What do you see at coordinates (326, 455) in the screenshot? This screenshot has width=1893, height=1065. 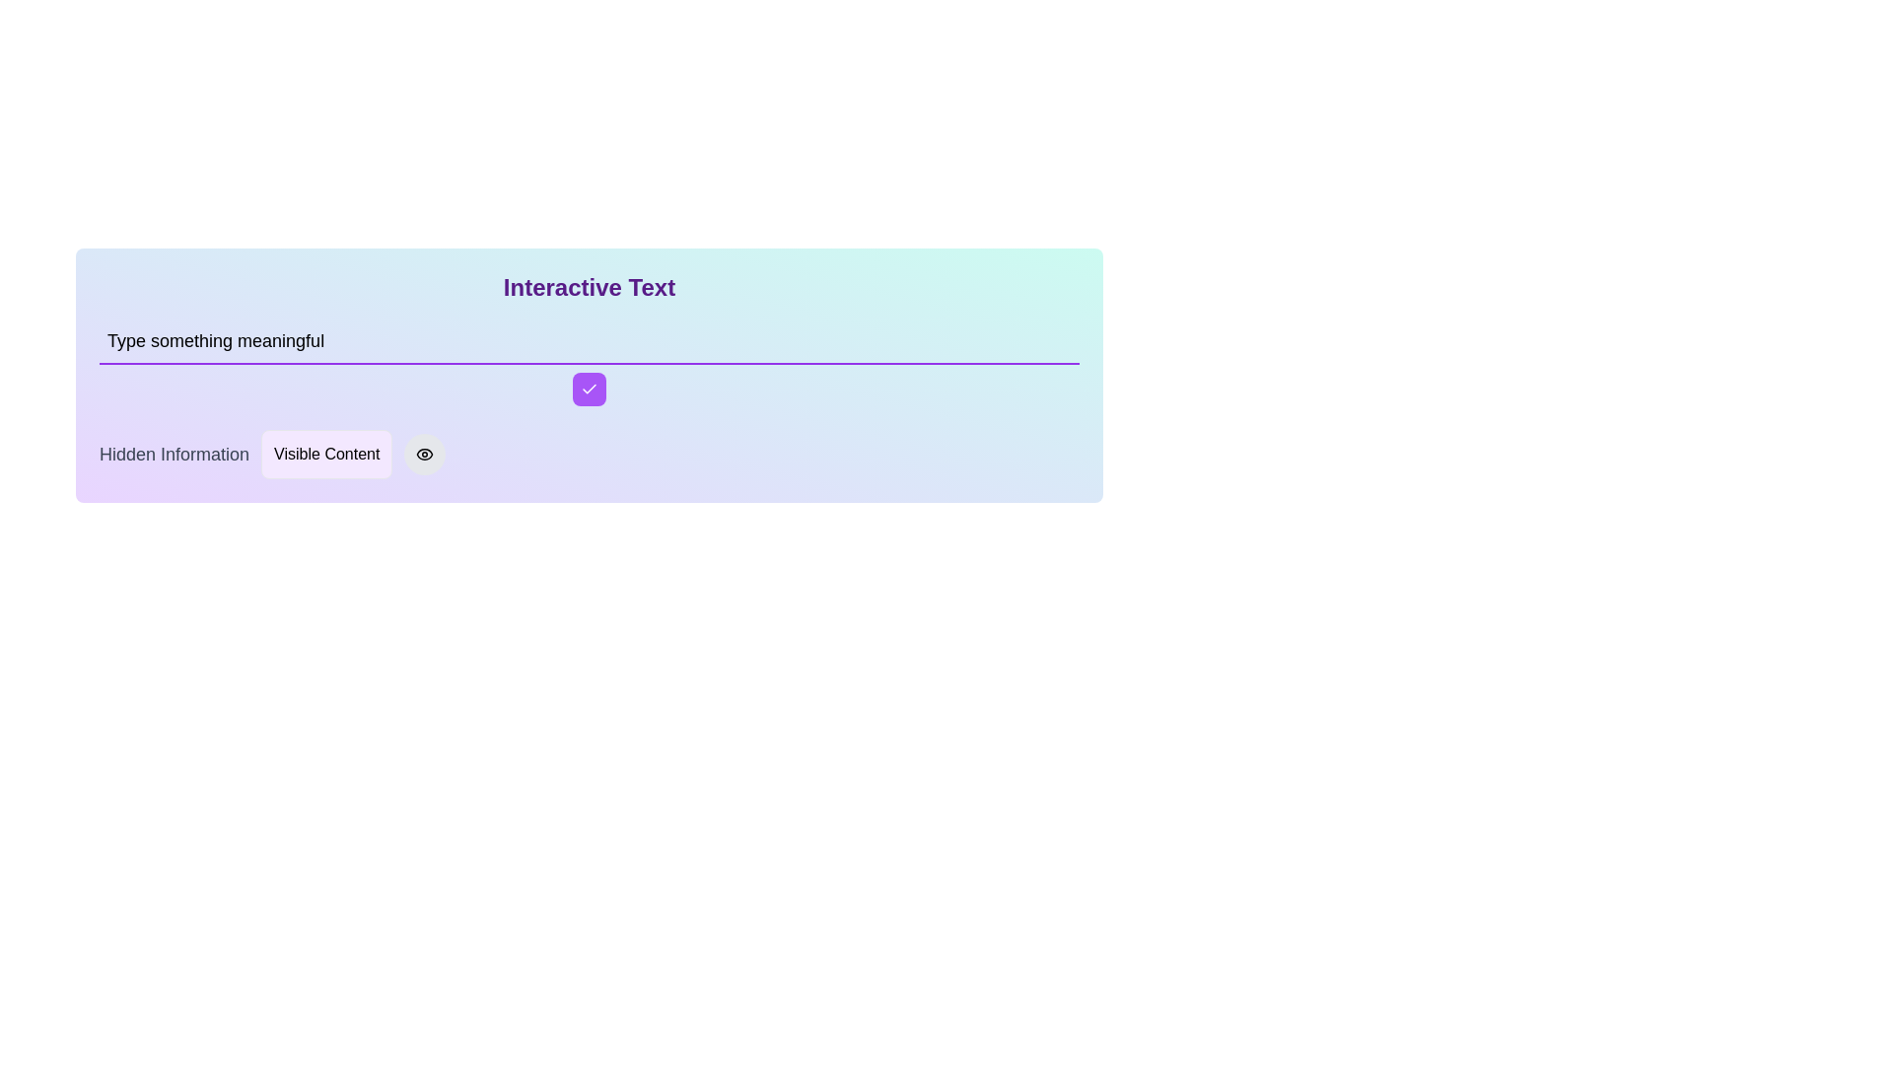 I see `the rectangular button-like component with a purple background and black text that reads 'Visible Content' located between the 'Hidden Information' label and an eye icon` at bounding box center [326, 455].